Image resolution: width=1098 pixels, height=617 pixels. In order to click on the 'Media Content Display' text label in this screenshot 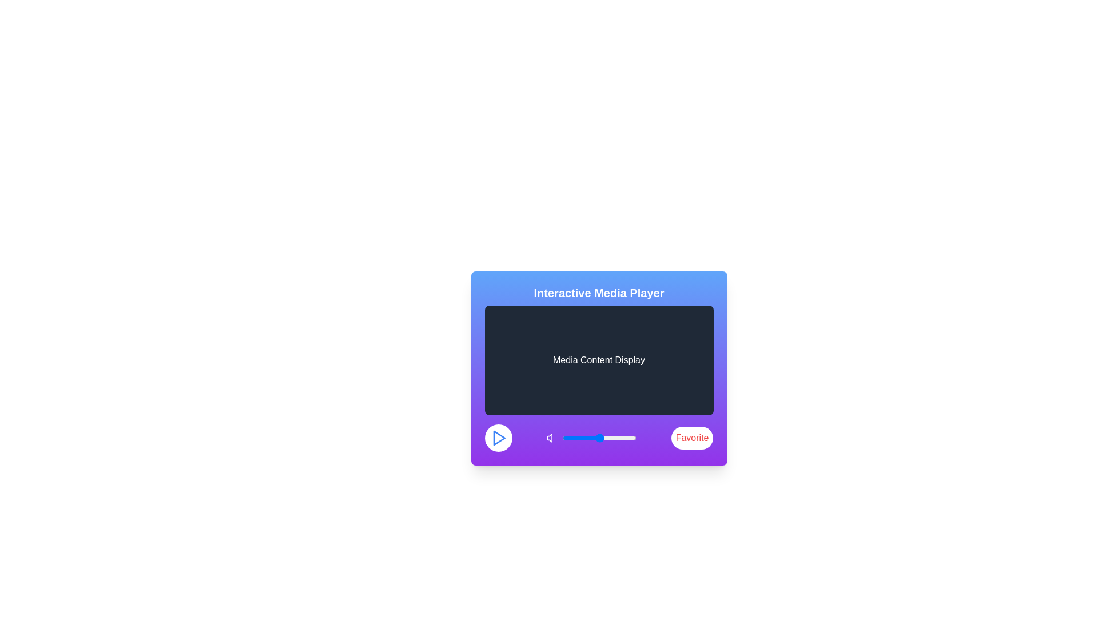, I will do `click(598, 360)`.